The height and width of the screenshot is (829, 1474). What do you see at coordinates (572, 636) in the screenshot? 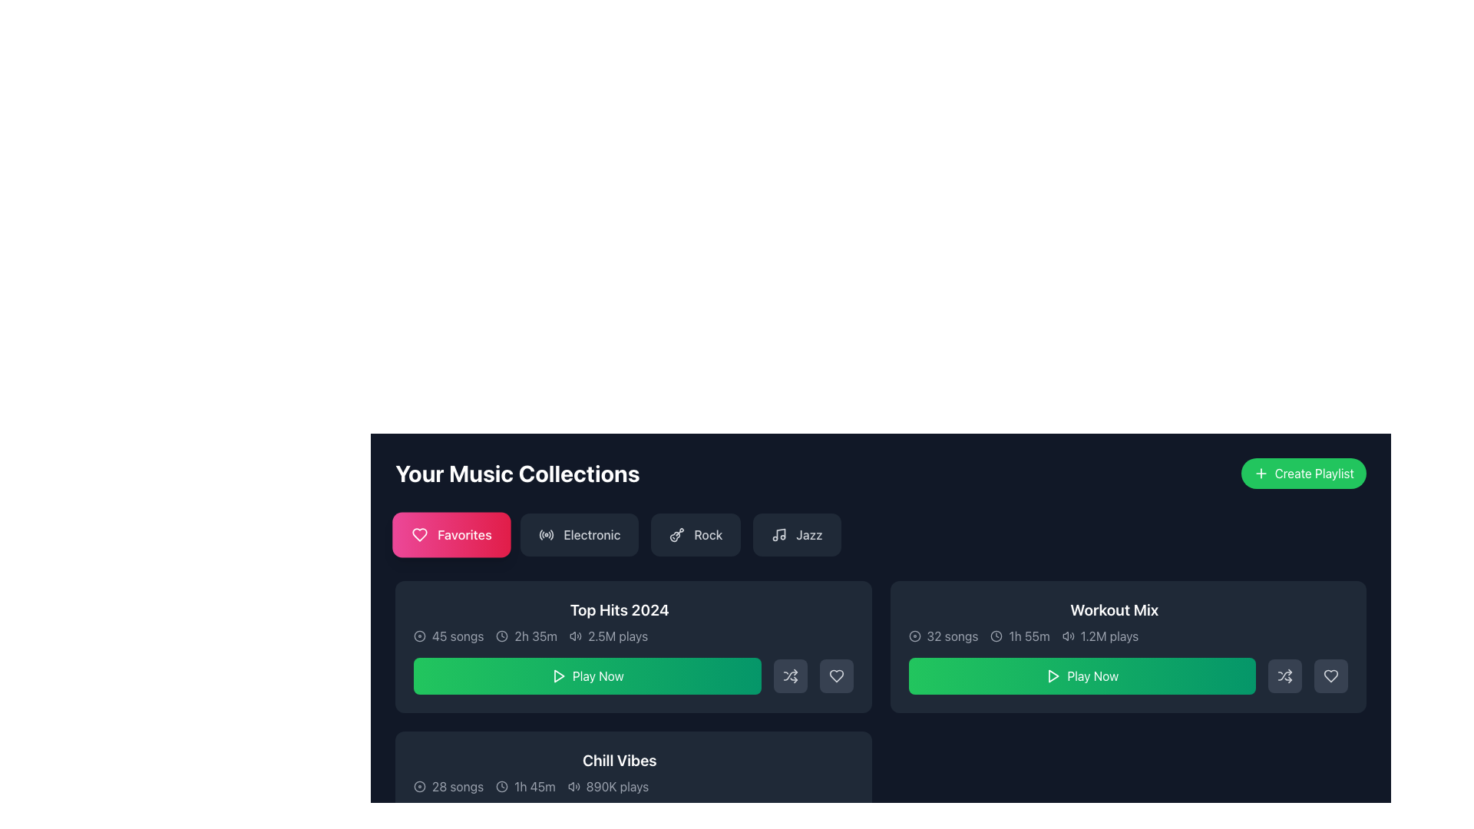
I see `the speaker icon located within the 'Top Hits 2024' card, positioned near the center of the bottom half` at bounding box center [572, 636].